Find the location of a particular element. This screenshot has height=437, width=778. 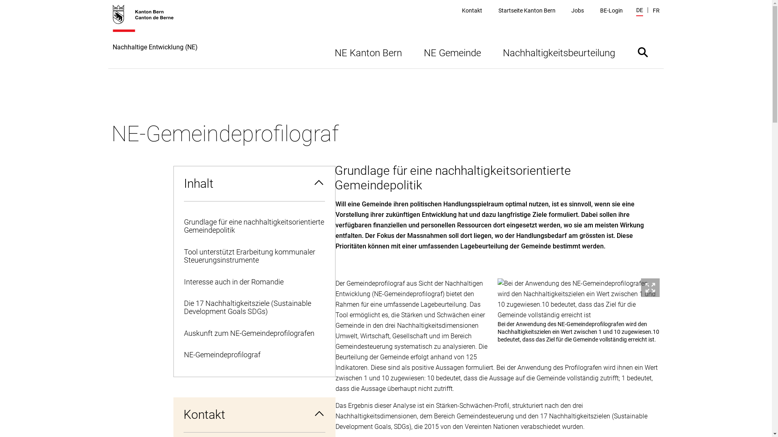

'Suche ein- oder ausblenden' is located at coordinates (642, 52).